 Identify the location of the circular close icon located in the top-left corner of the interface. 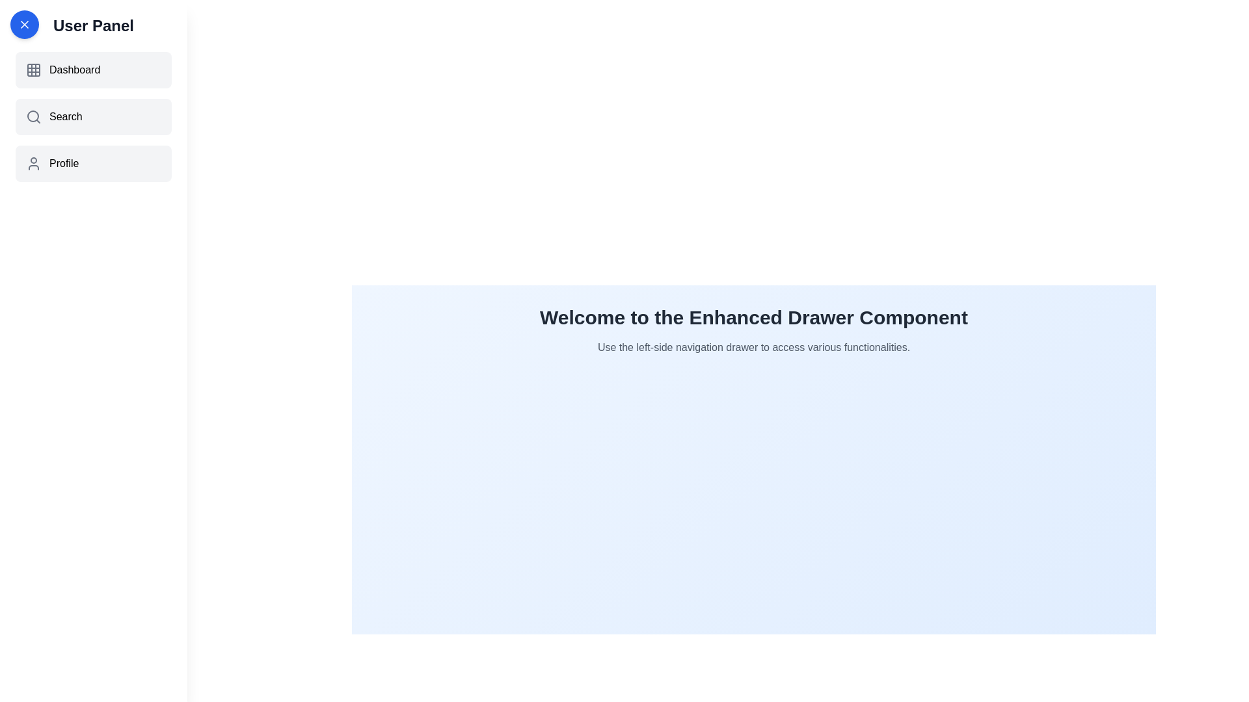
(25, 25).